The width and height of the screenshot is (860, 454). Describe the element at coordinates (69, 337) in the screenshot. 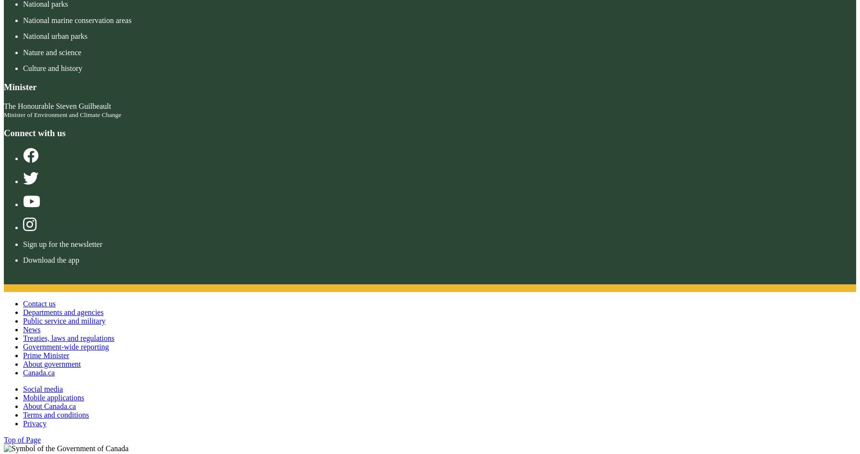

I see `'Treaties, laws and regulations'` at that location.